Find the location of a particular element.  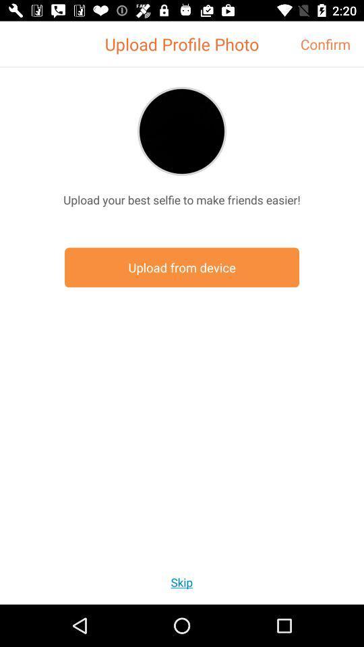

the app above the skip is located at coordinates (182, 267).